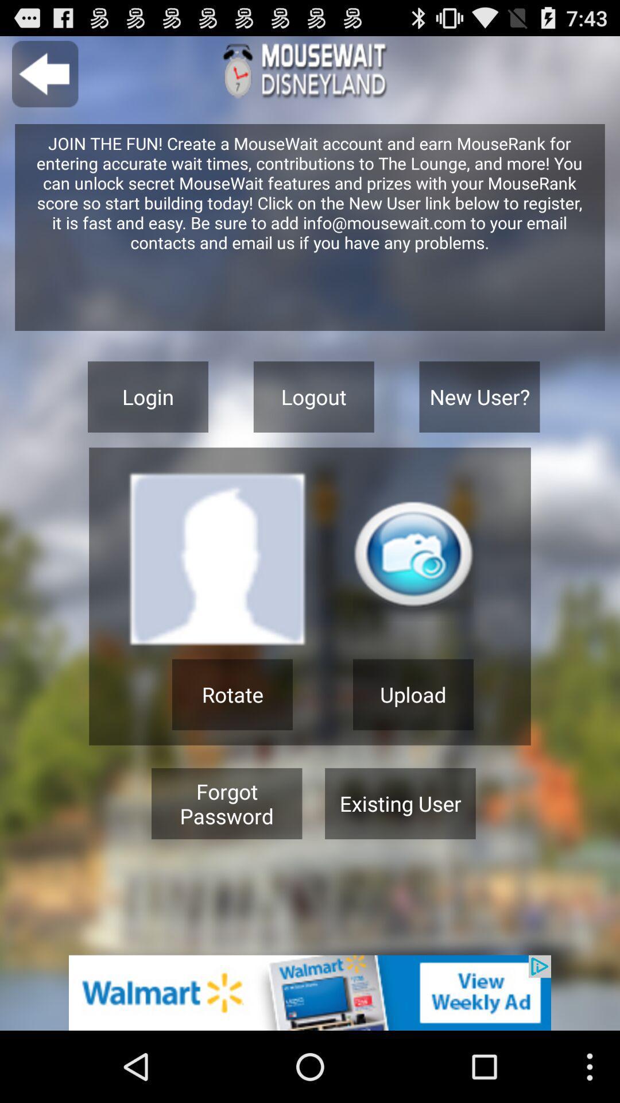 This screenshot has width=620, height=1103. I want to click on camera button, so click(413, 561).